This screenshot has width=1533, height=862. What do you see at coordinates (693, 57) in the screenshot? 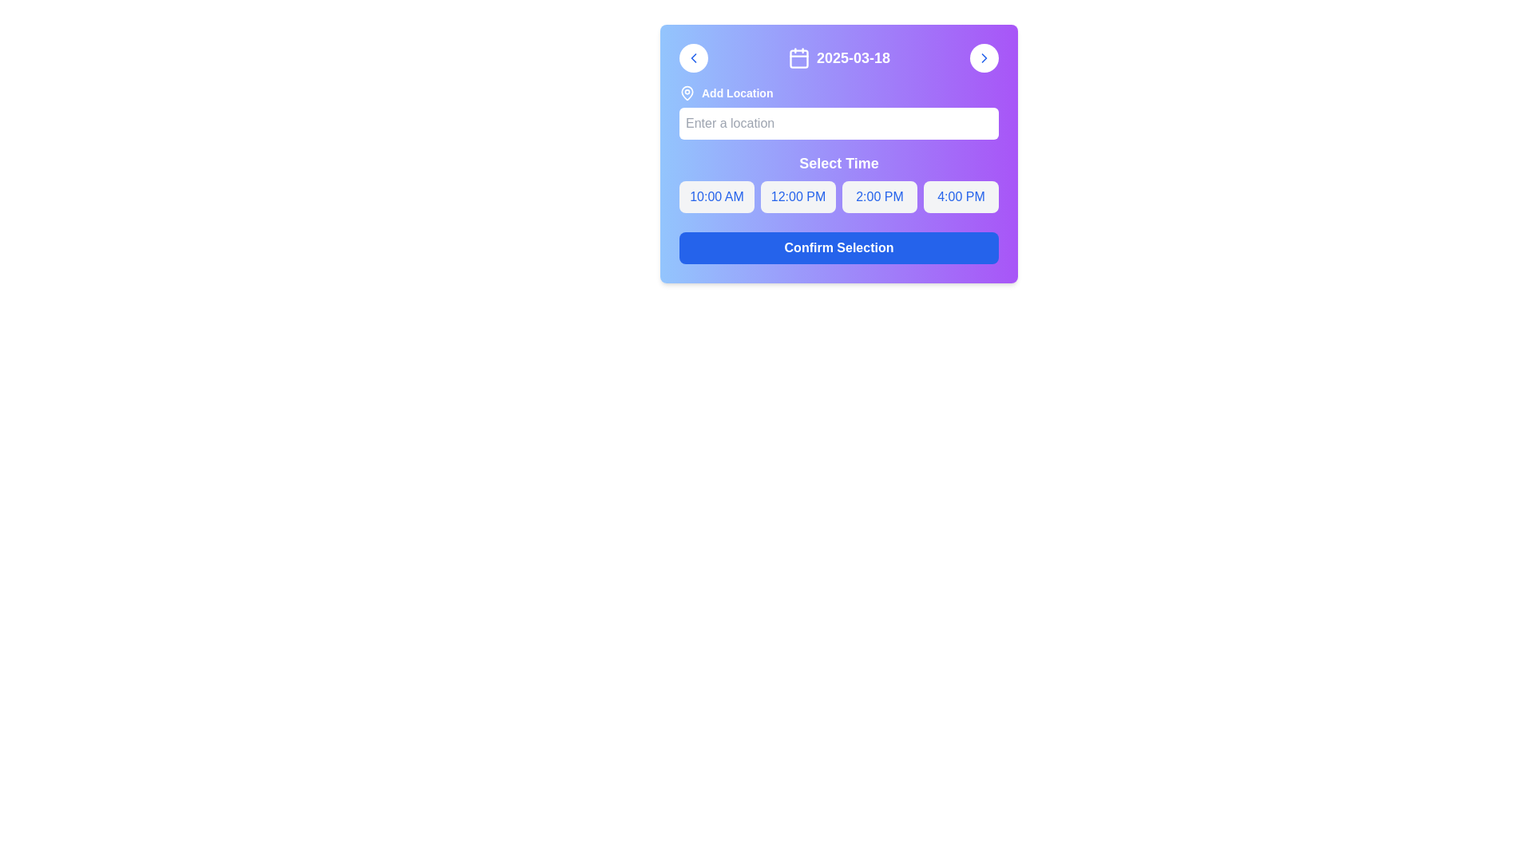
I see `the left-pointing chevron icon located within the circular button in the top-left corner of the calendar-style interface` at bounding box center [693, 57].